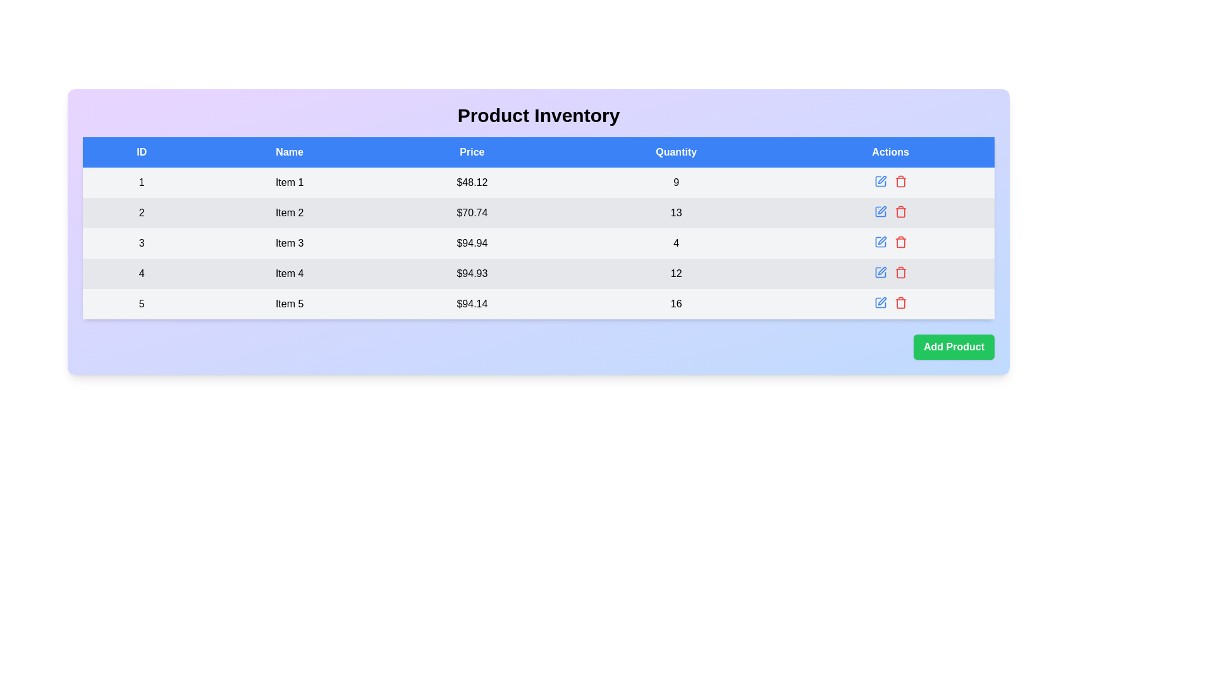 The width and height of the screenshot is (1214, 683). Describe the element at coordinates (289, 151) in the screenshot. I see `the header cell labeled 'Name' which is the second column header in a table layout, displayed in white text on a blue background` at that location.